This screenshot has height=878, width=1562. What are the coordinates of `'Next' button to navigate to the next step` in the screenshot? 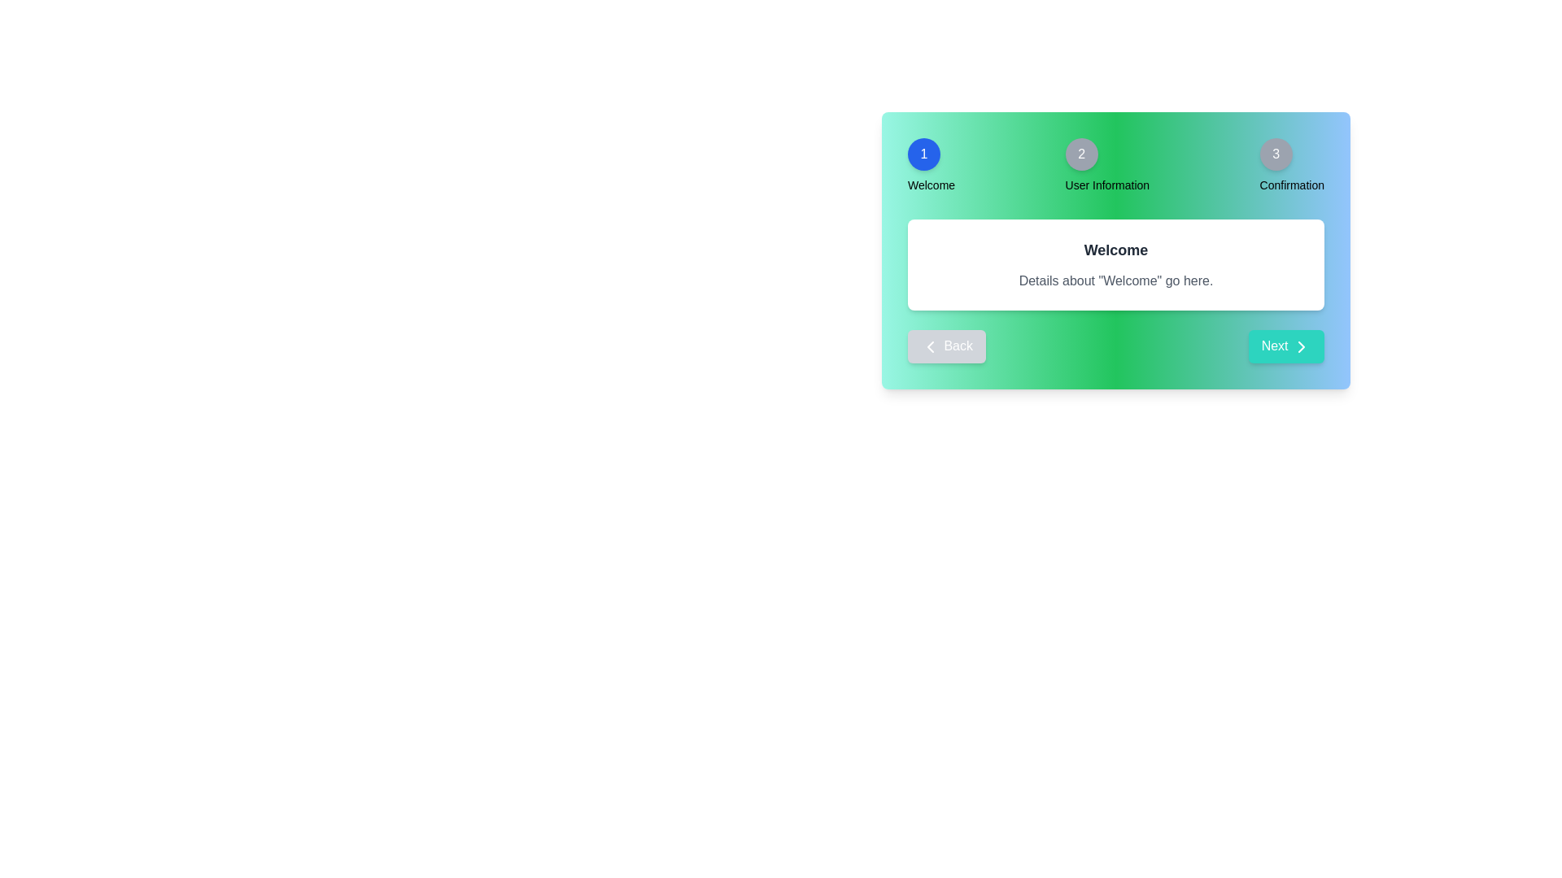 It's located at (1285, 345).